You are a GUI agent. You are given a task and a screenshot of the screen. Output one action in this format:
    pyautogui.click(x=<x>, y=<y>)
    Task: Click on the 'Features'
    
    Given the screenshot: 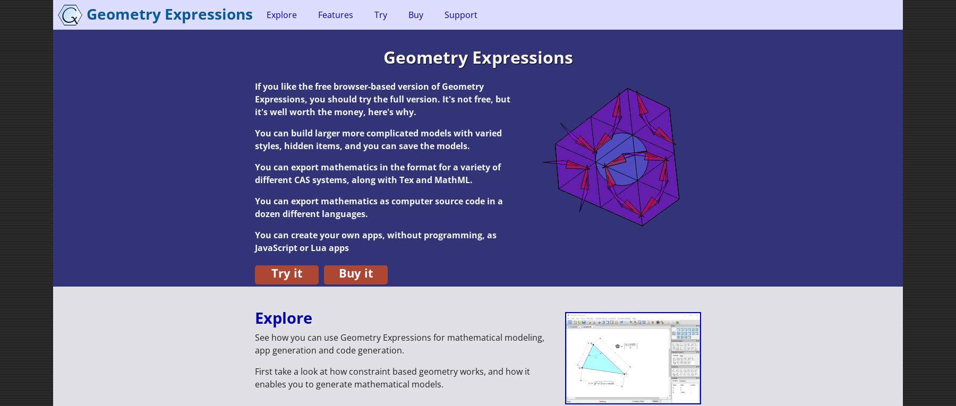 What is the action you would take?
    pyautogui.click(x=318, y=14)
    